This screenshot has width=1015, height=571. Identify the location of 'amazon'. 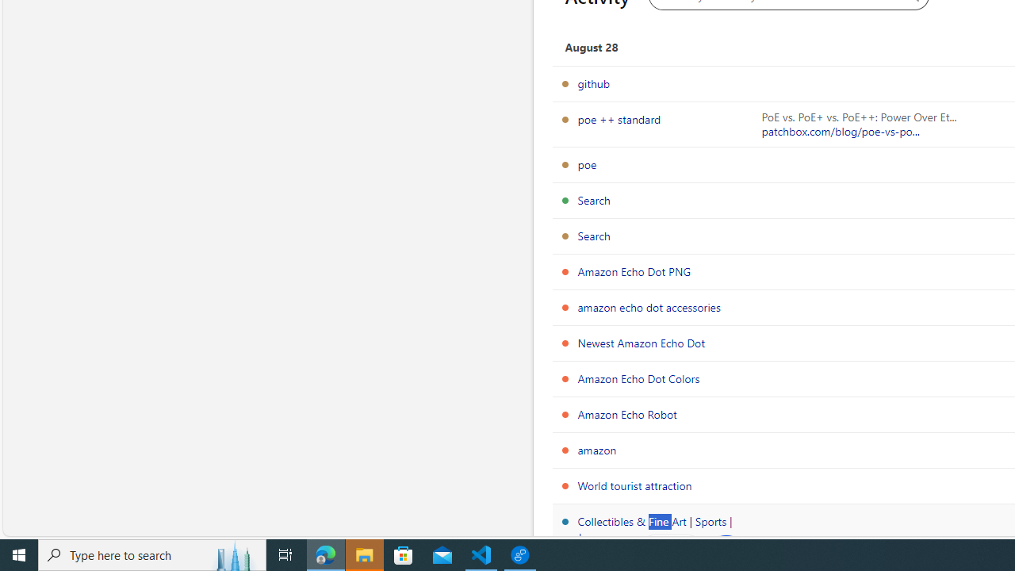
(596, 450).